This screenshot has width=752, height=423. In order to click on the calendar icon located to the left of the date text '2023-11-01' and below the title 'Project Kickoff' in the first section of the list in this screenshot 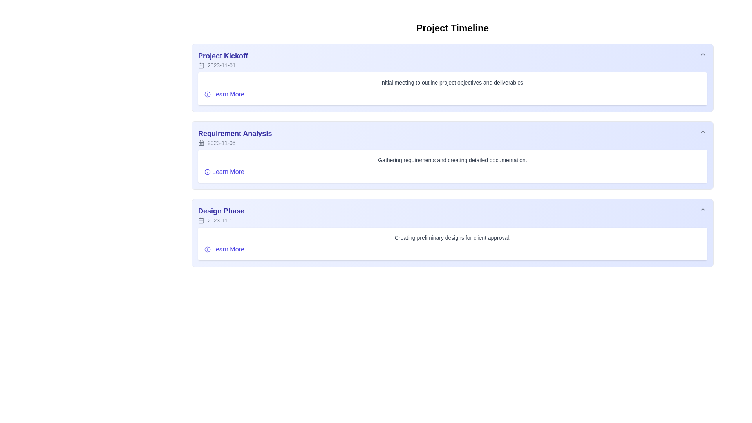, I will do `click(201, 65)`.